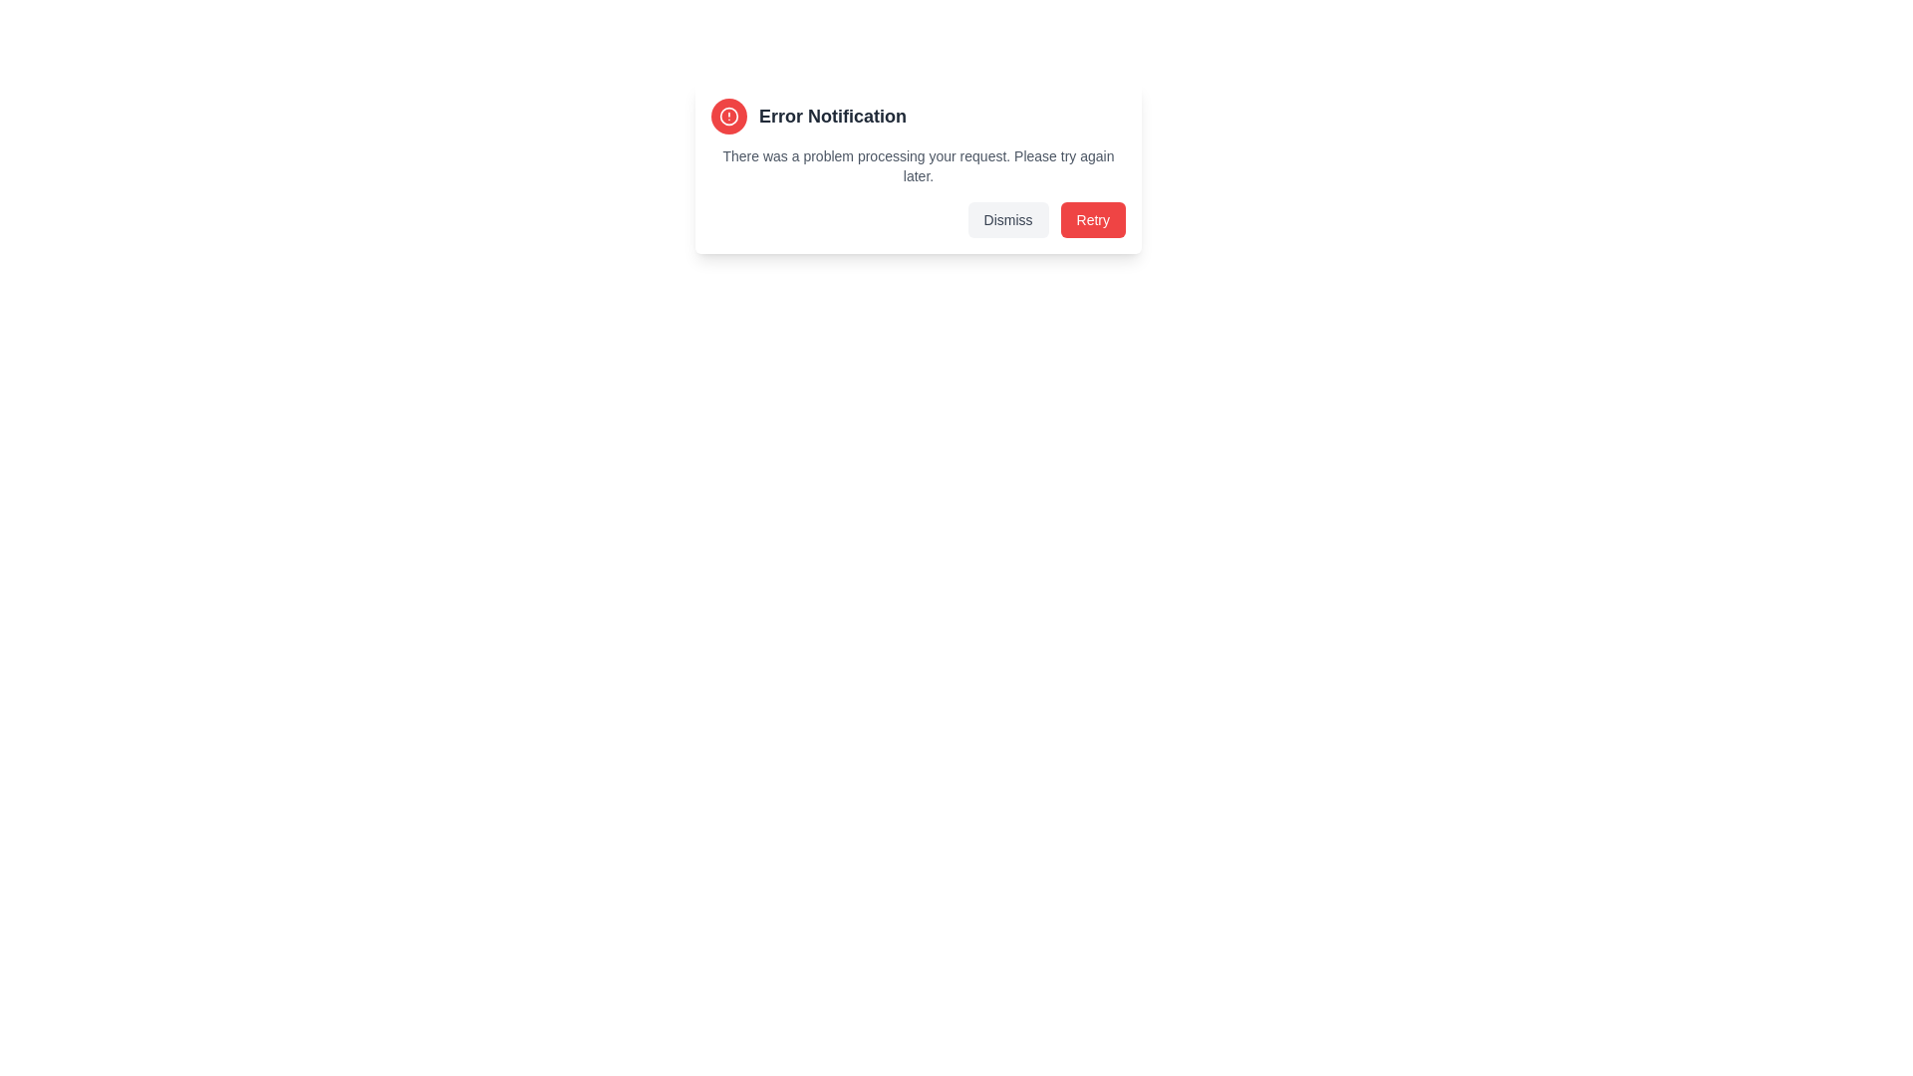 This screenshot has height=1076, width=1913. I want to click on the 'Dismiss' button to close the notification, so click(1008, 219).